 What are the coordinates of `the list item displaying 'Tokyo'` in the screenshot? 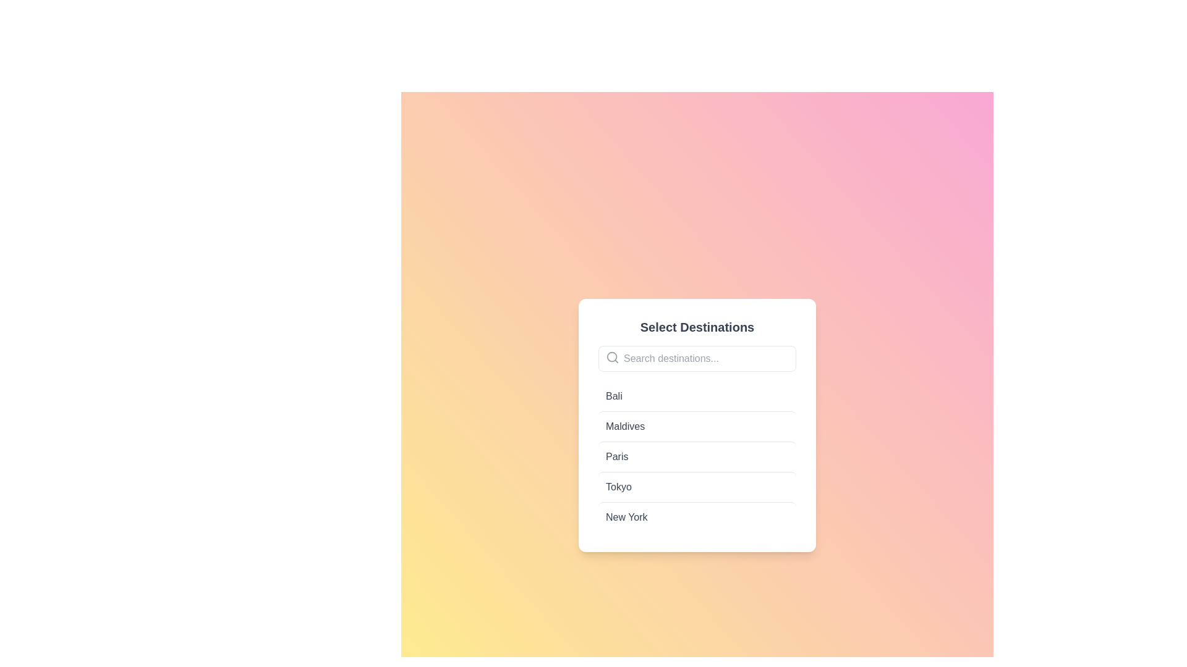 It's located at (697, 485).